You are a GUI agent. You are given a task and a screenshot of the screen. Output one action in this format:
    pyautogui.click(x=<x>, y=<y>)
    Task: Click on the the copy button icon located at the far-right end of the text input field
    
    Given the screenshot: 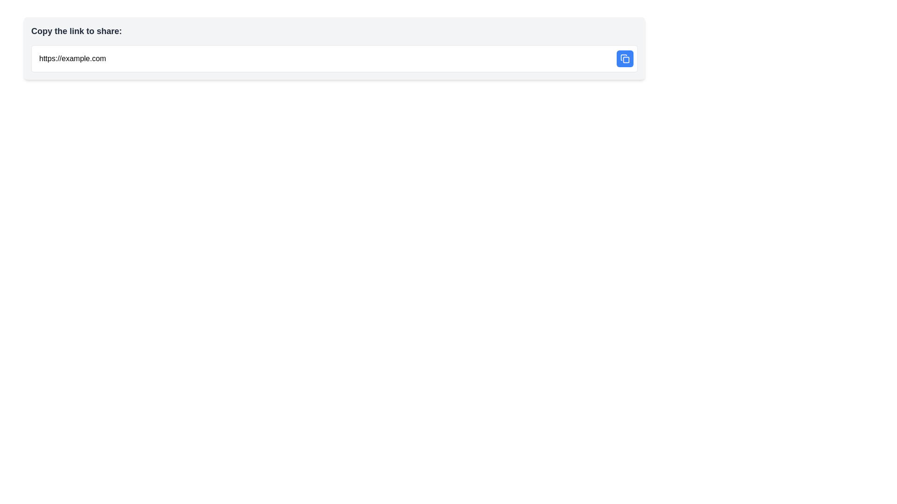 What is the action you would take?
    pyautogui.click(x=625, y=59)
    